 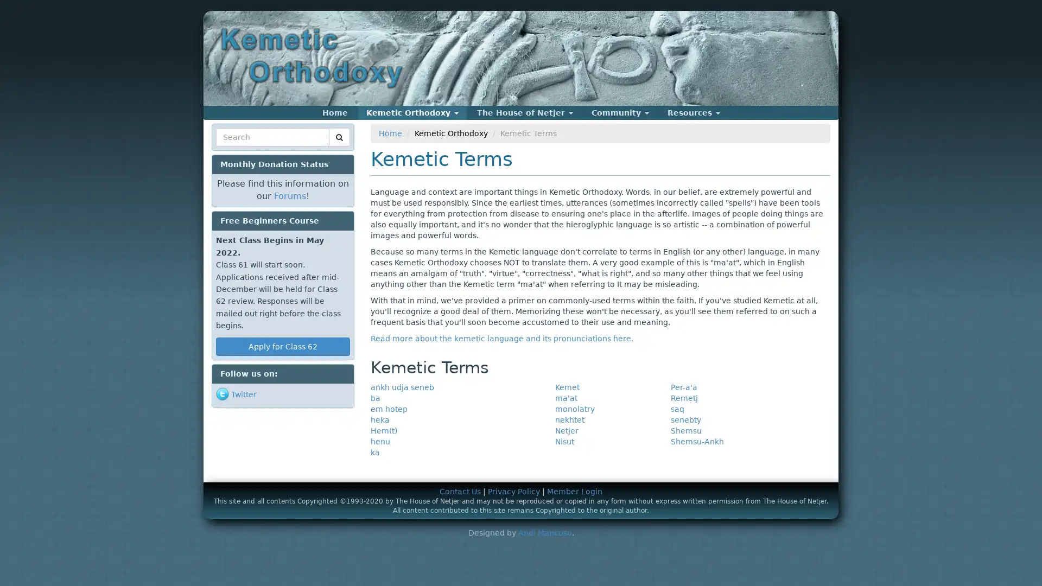 What do you see at coordinates (236, 150) in the screenshot?
I see `Search` at bounding box center [236, 150].